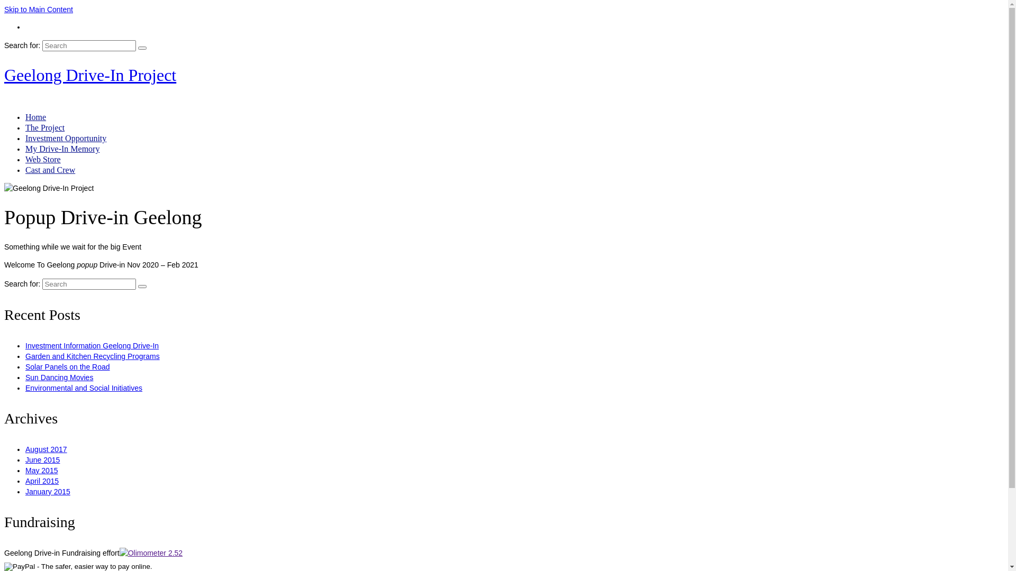 The image size is (1016, 571). I want to click on 'Investment Information Geelong Drive-In', so click(92, 346).